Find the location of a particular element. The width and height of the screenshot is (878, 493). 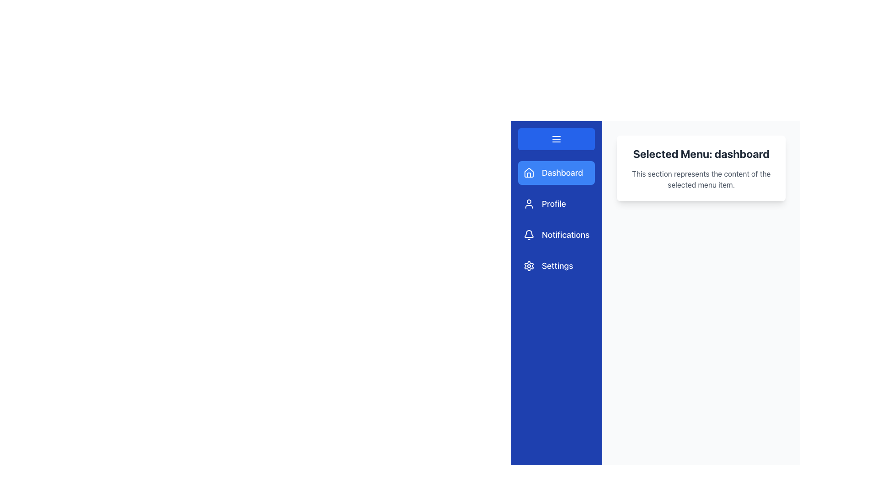

the 'Profile' button in the vertical navigation menu is located at coordinates (556, 204).